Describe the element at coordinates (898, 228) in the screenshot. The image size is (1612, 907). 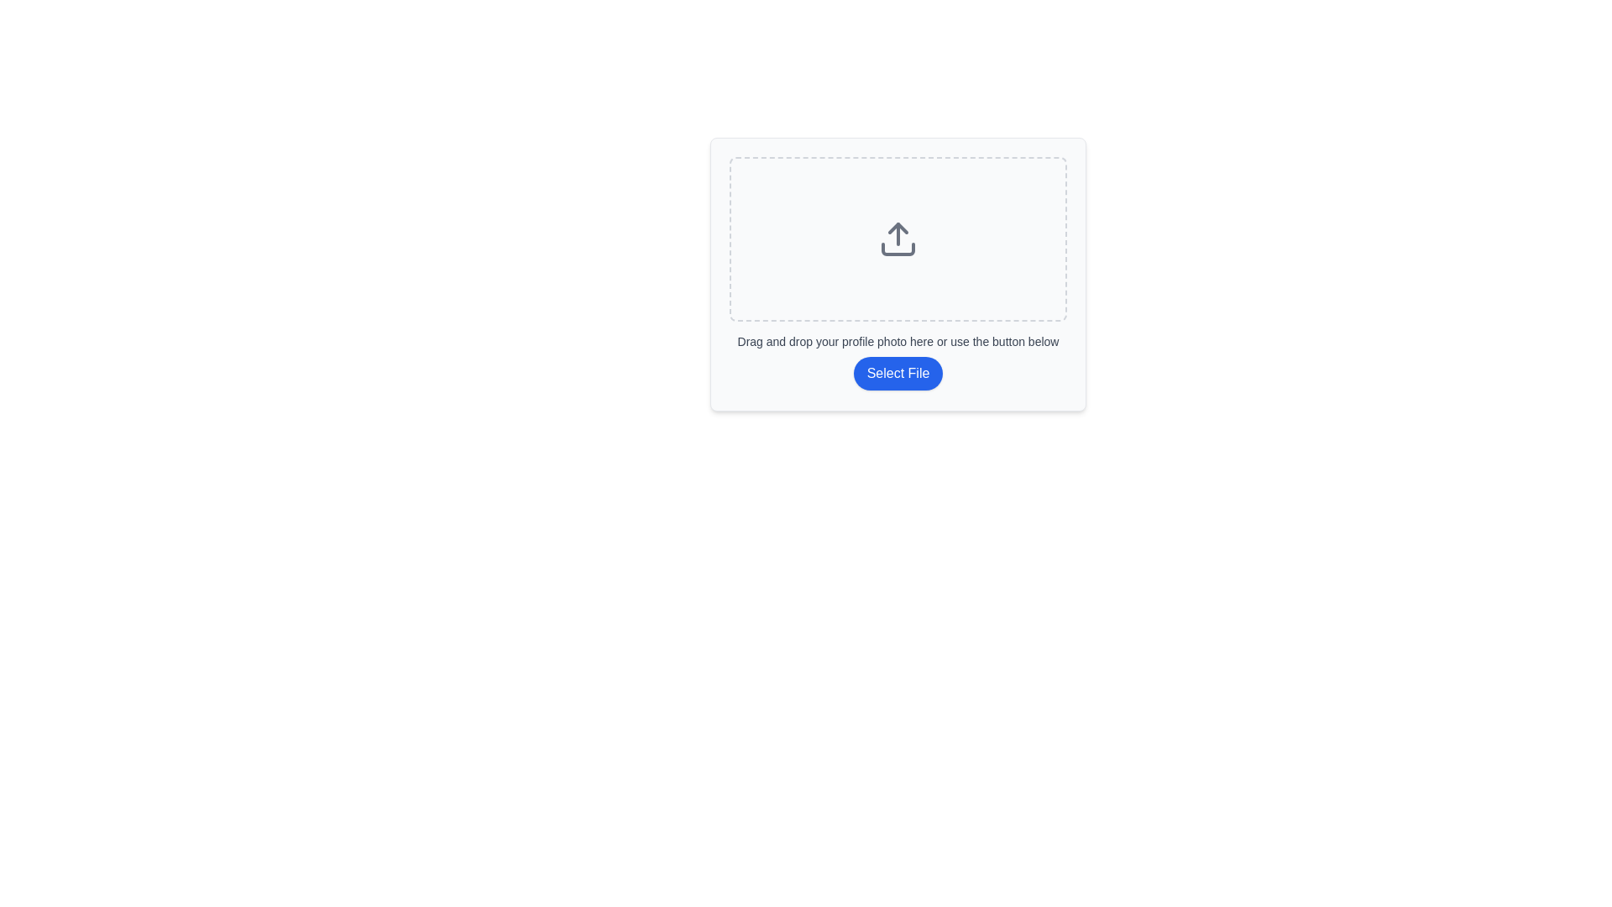
I see `the central triangular decorative element of the upload icon, which is part of the SVG design, positioned above the horizontal and vertical lines in the drag-and-drop upload area` at that location.